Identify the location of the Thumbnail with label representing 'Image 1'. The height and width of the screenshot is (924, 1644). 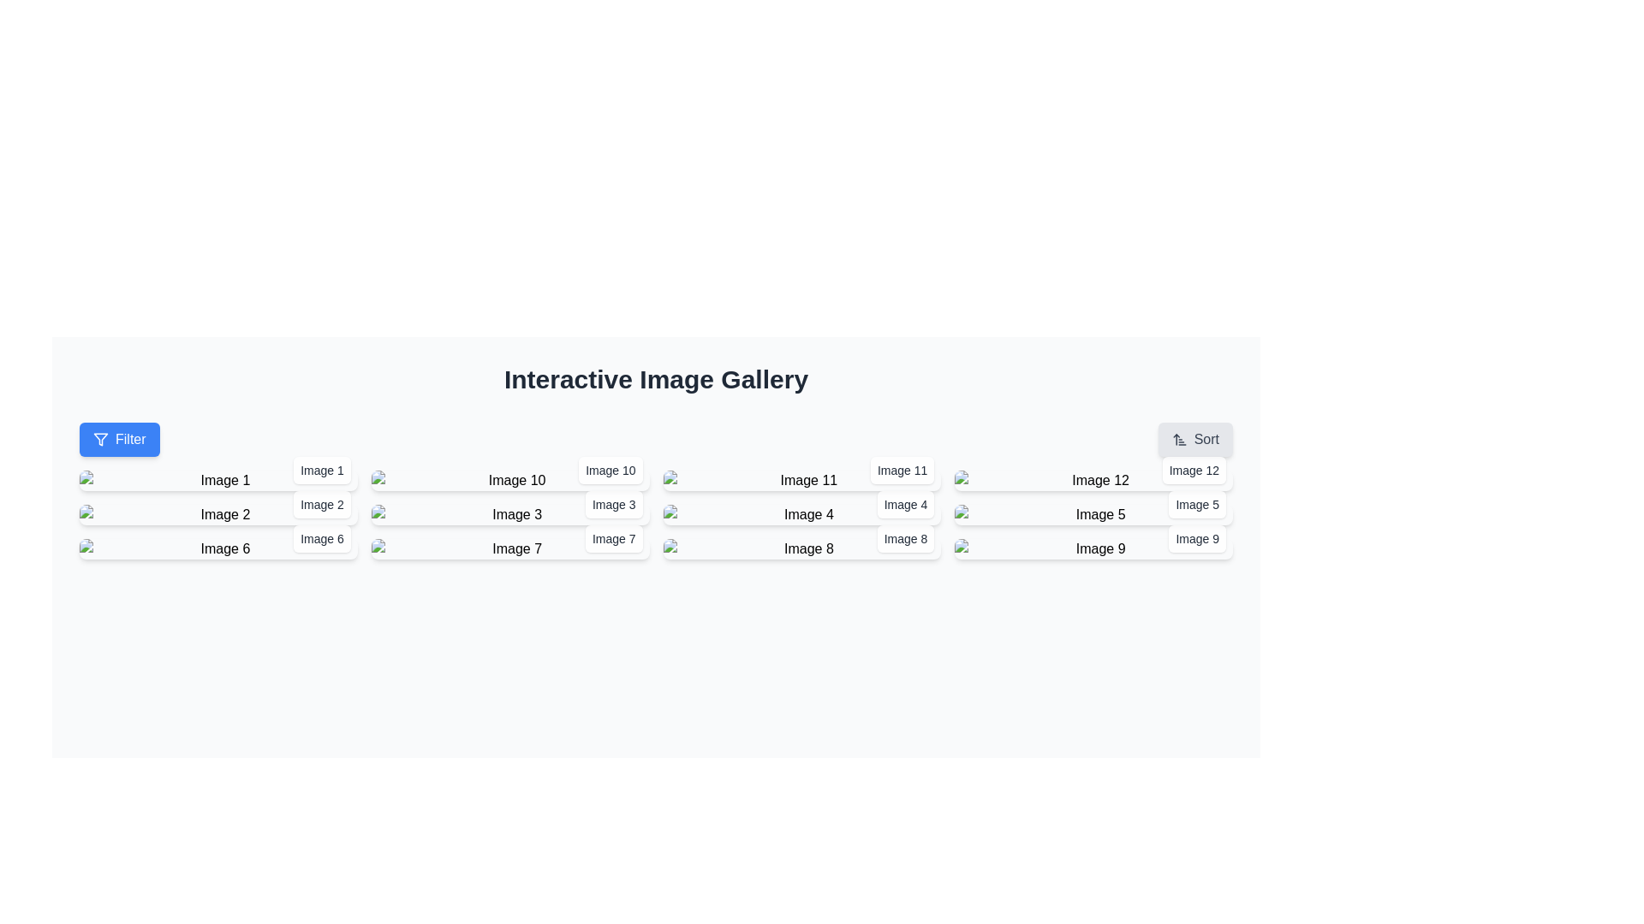
(217, 481).